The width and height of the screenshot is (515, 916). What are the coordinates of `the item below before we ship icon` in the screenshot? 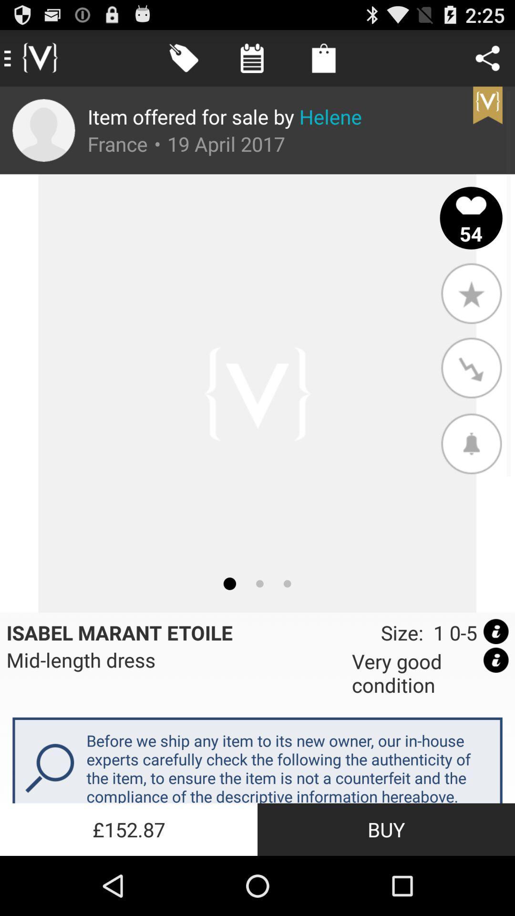 It's located at (386, 829).